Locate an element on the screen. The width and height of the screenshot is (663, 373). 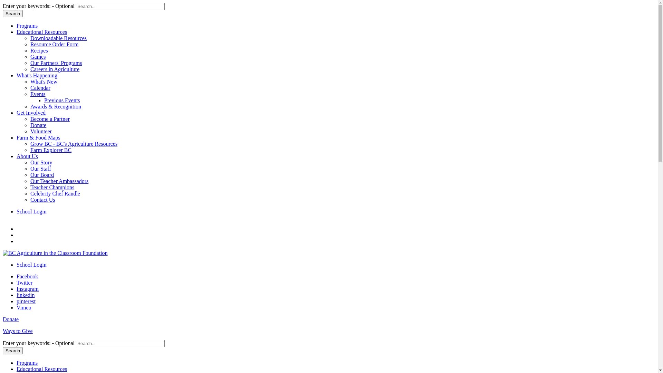
'School Login' is located at coordinates (31, 264).